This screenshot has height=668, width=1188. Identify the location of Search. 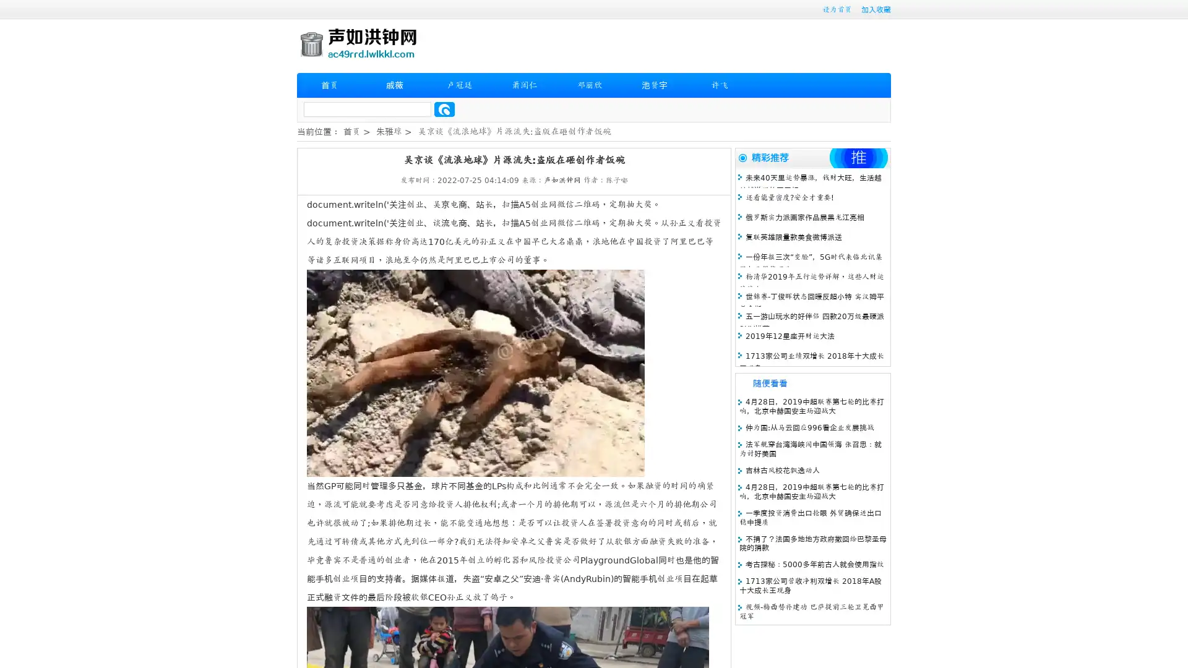
(444, 109).